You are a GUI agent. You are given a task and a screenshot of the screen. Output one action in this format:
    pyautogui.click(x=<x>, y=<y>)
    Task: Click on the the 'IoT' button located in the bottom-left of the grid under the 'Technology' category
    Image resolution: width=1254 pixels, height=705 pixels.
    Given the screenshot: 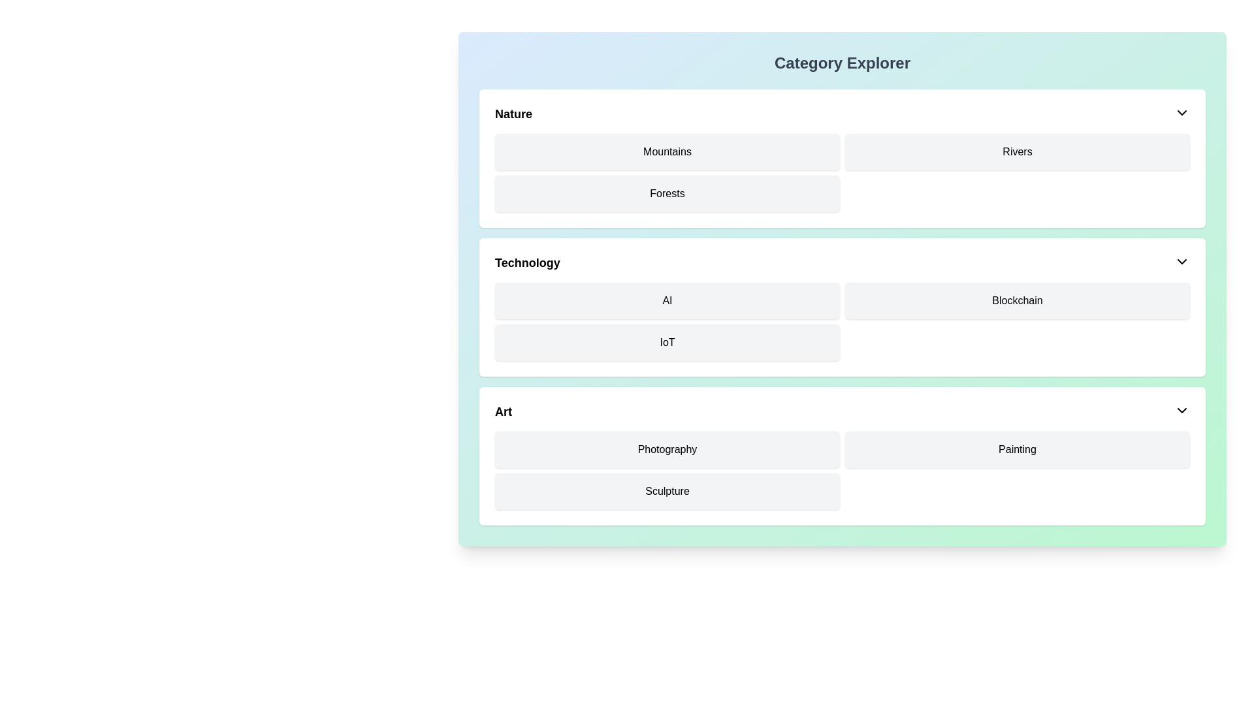 What is the action you would take?
    pyautogui.click(x=667, y=341)
    